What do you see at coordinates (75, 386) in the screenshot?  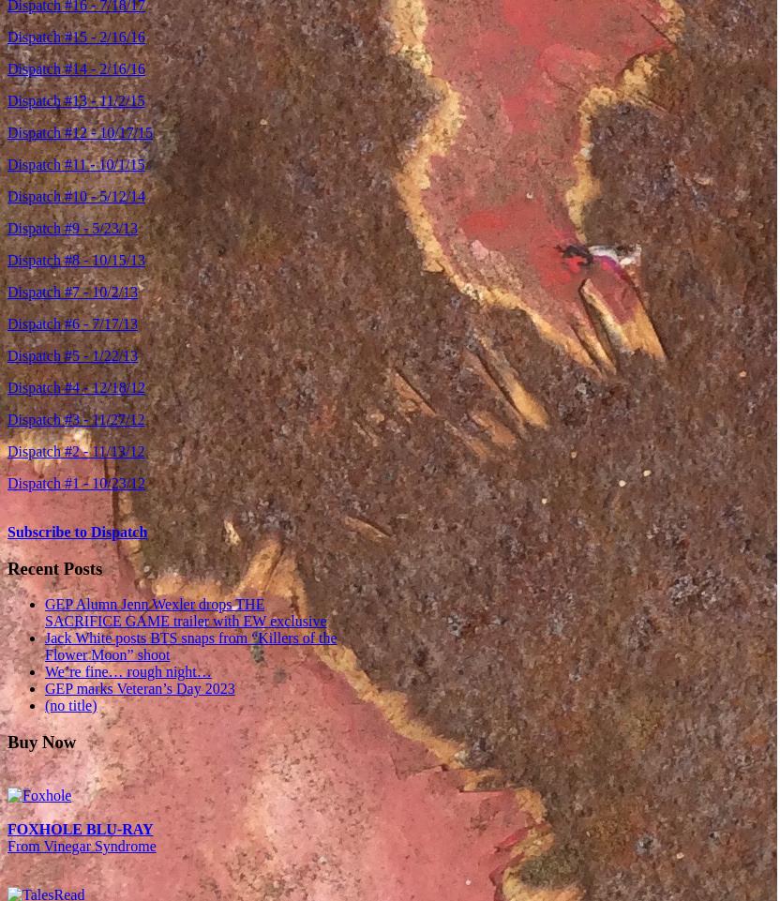 I see `'Dispatch #4 - 12/18/12'` at bounding box center [75, 386].